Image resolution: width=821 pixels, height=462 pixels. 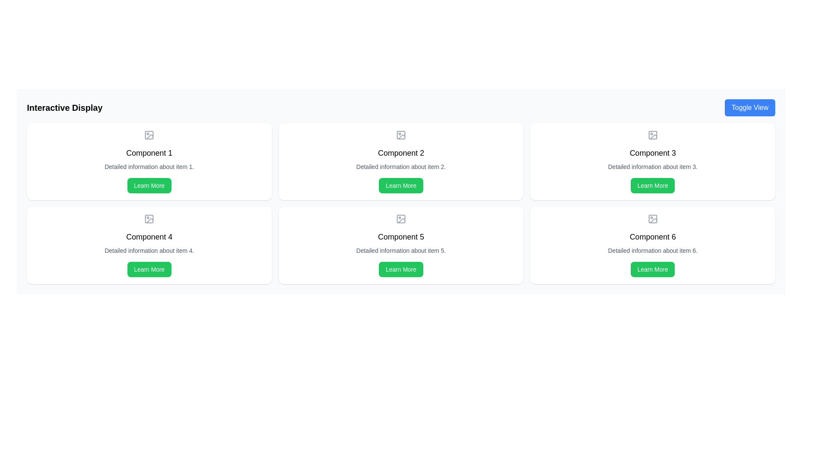 I want to click on the 'Learn More' button, which is a green rectangular button with rounded corners located at the bottom-center of 'Component 5', so click(x=400, y=269).